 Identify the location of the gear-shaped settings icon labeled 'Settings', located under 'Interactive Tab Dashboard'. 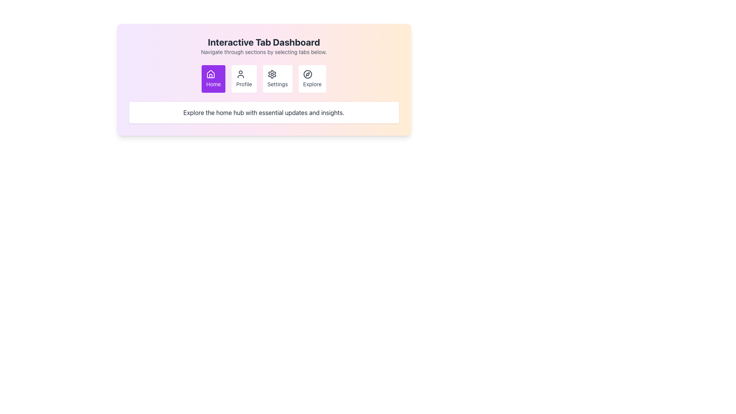
(272, 74).